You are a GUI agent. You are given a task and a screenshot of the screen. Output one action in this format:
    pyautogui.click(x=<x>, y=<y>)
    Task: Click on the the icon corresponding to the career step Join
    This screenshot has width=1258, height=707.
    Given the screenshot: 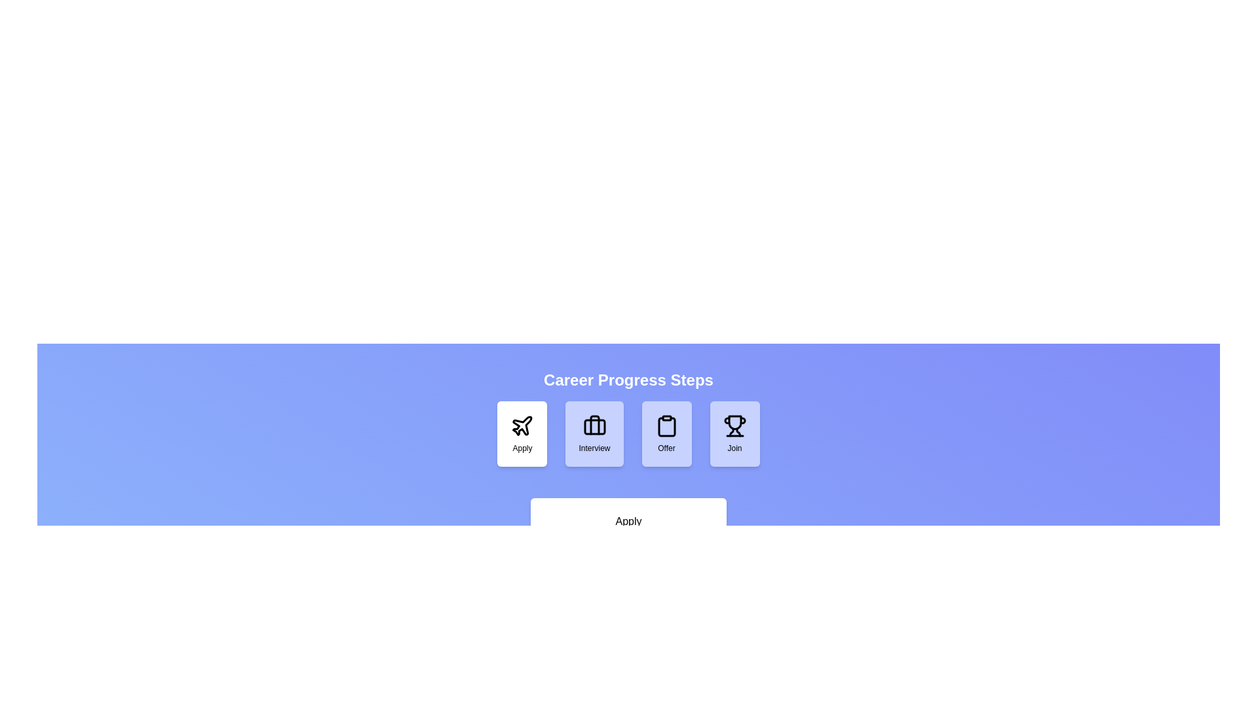 What is the action you would take?
    pyautogui.click(x=734, y=434)
    